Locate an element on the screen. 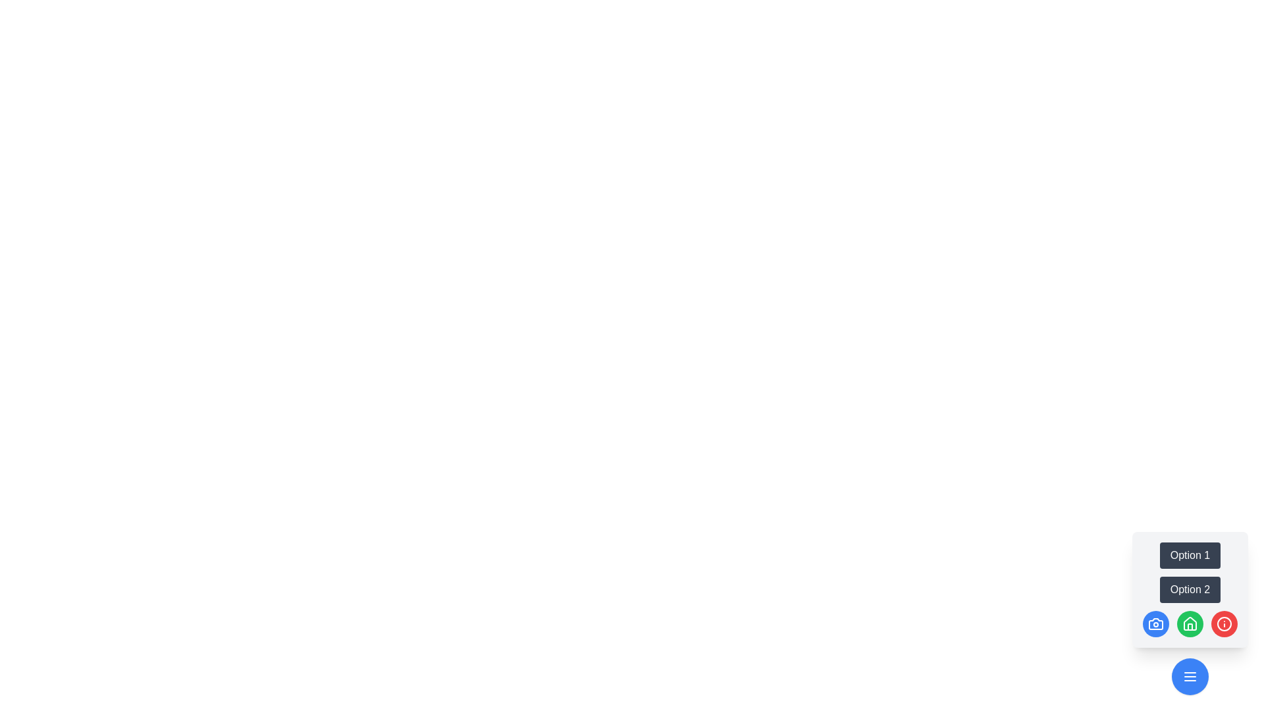  the middle button is located at coordinates (1190, 623).